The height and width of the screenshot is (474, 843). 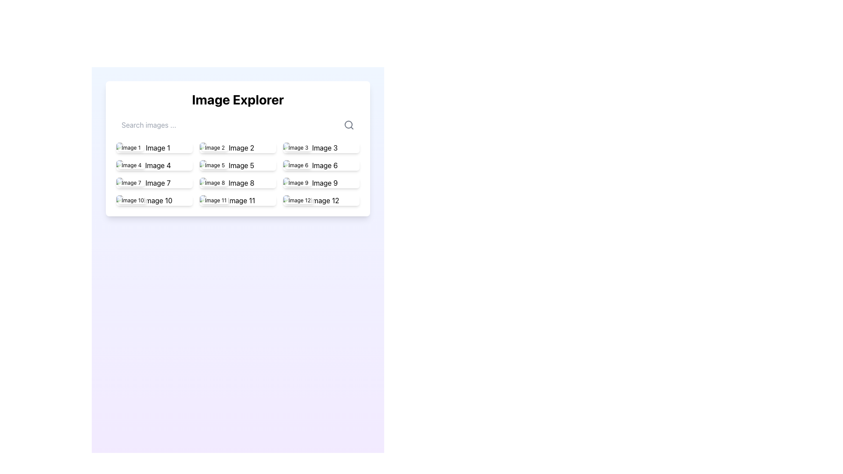 What do you see at coordinates (215, 182) in the screenshot?
I see `the text label overlay identifying the associated image as 'Image 8', located in the third row and second column of the gallery` at bounding box center [215, 182].